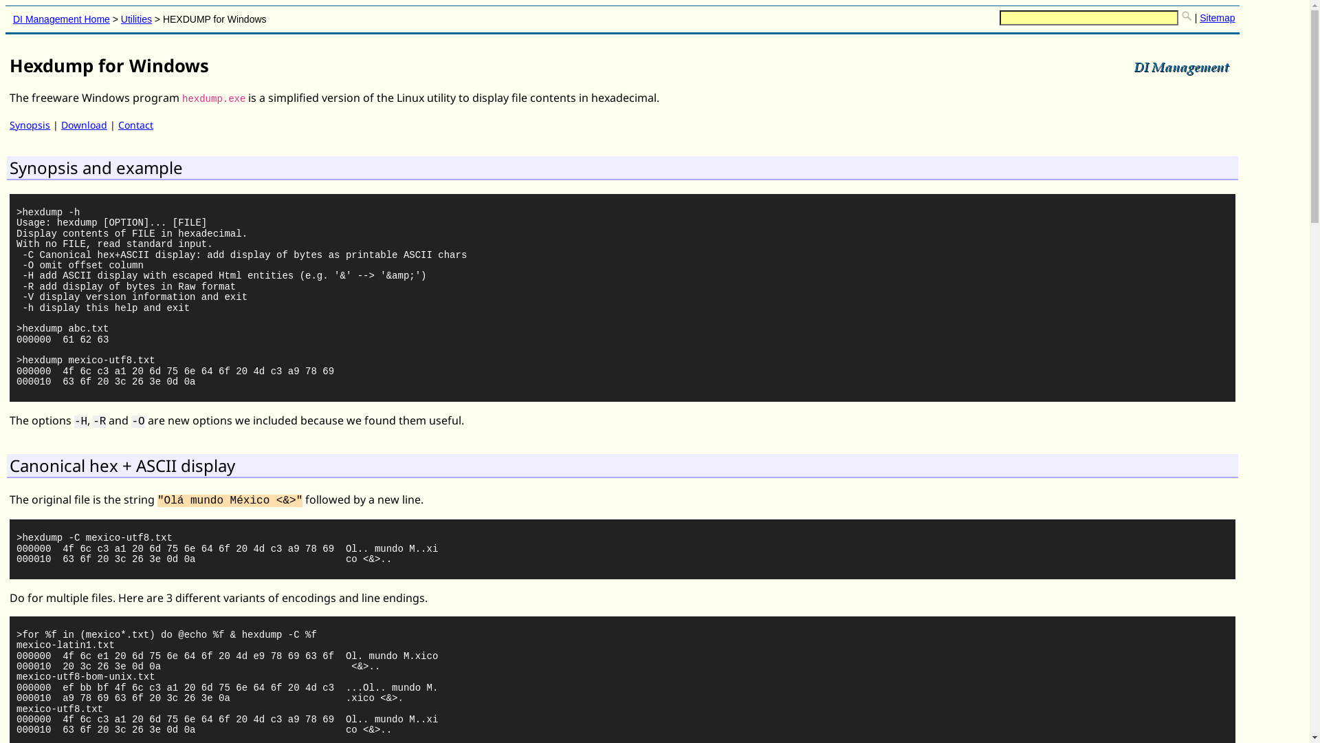  What do you see at coordinates (1199, 18) in the screenshot?
I see `'Sitemap'` at bounding box center [1199, 18].